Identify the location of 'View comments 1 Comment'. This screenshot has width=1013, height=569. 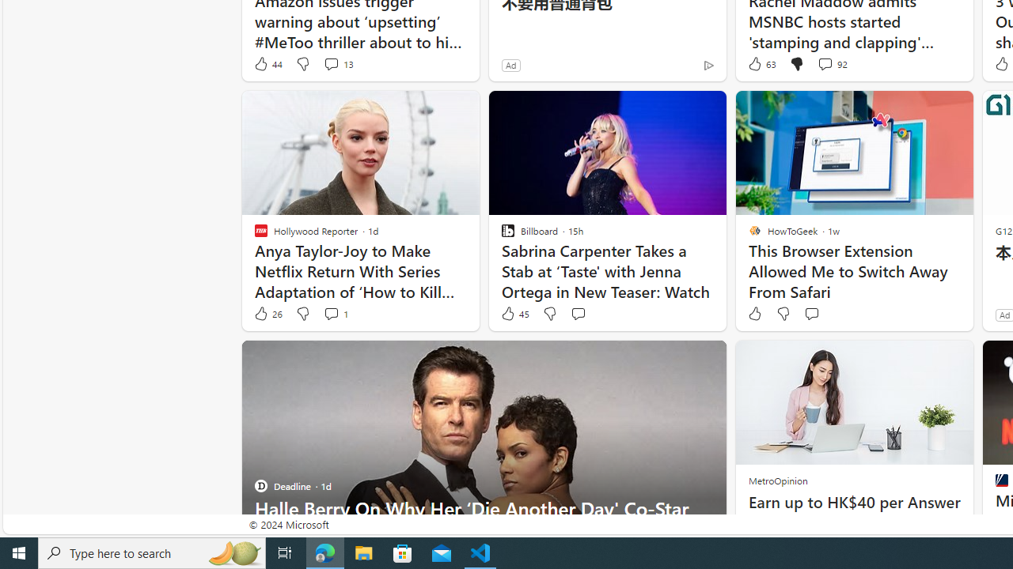
(334, 314).